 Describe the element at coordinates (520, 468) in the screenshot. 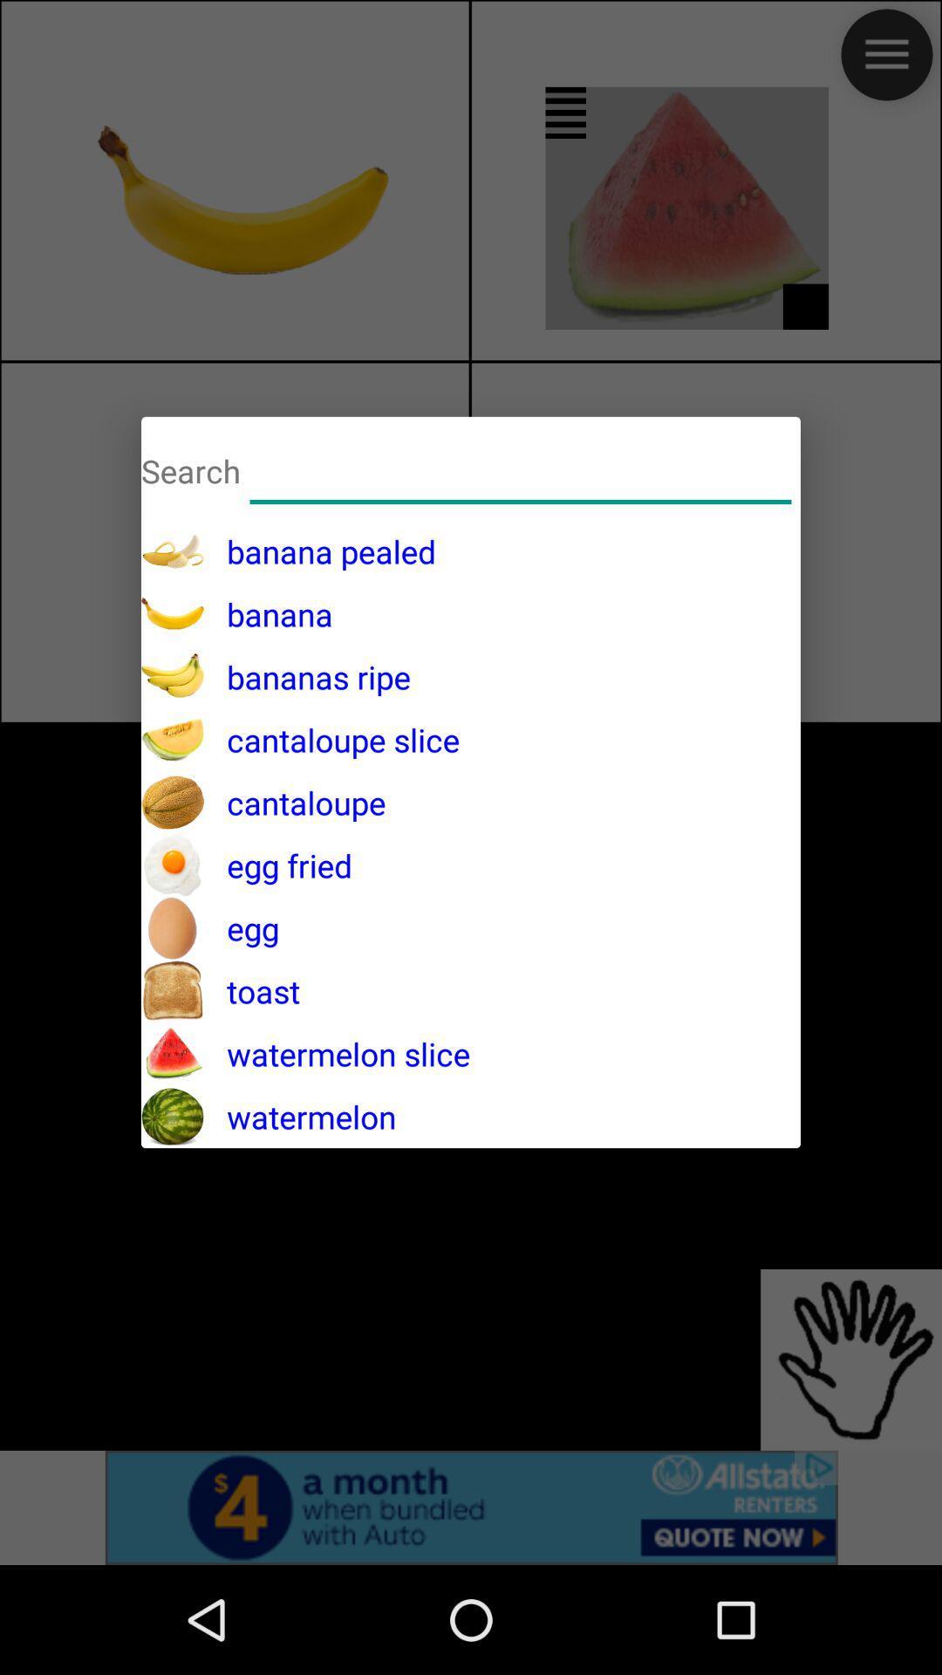

I see `search options` at that location.